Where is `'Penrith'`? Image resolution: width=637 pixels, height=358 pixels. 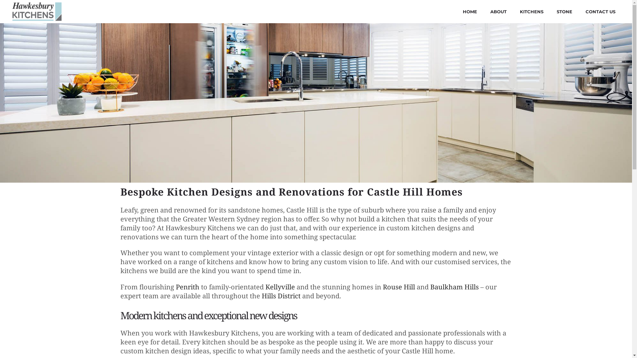
'Penrith' is located at coordinates (187, 286).